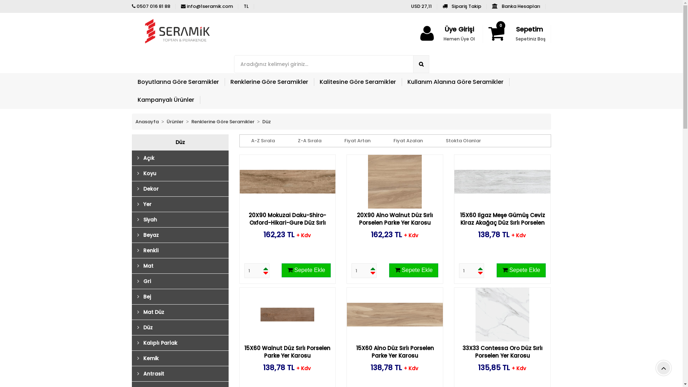 Image resolution: width=688 pixels, height=387 pixels. I want to click on 'Mat', so click(143, 266).